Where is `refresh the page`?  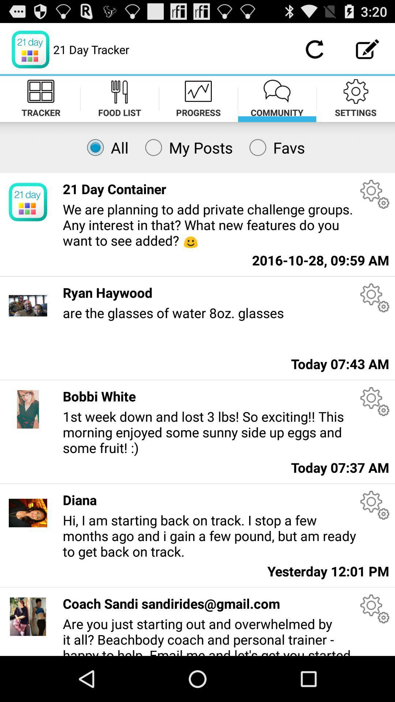
refresh the page is located at coordinates (314, 49).